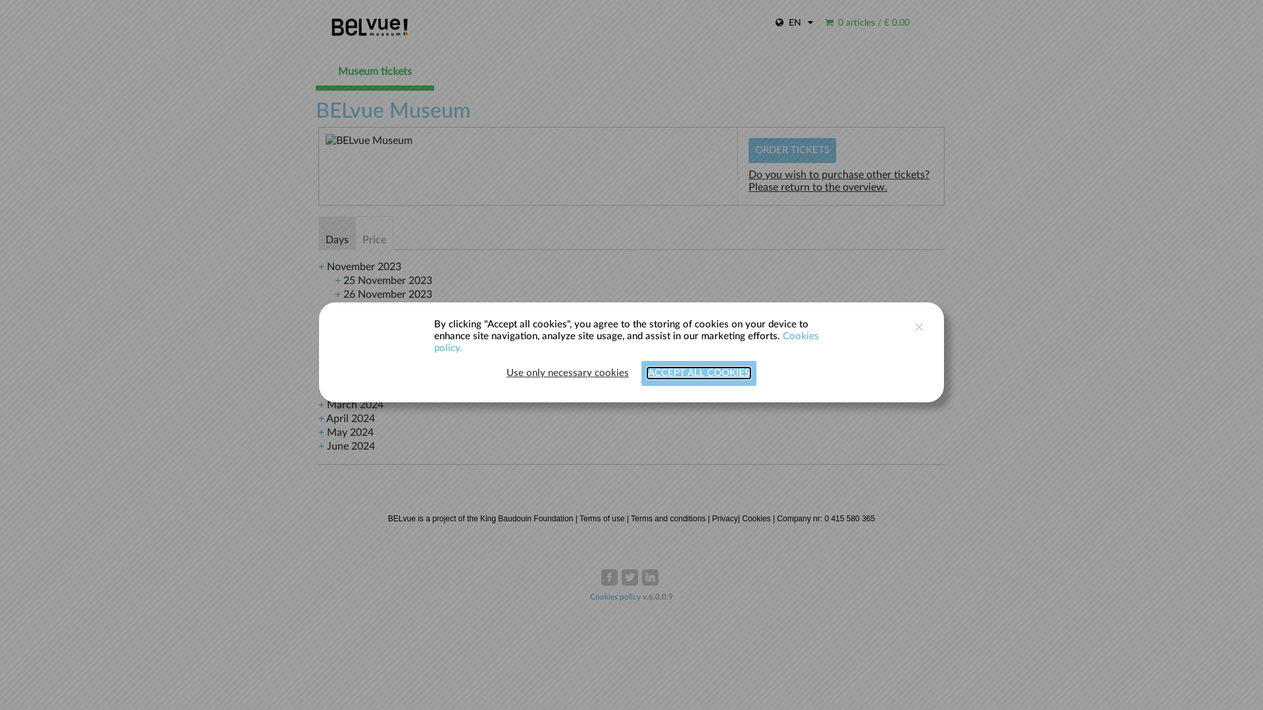  Describe the element at coordinates (794, 24) in the screenshot. I see `'EN'` at that location.